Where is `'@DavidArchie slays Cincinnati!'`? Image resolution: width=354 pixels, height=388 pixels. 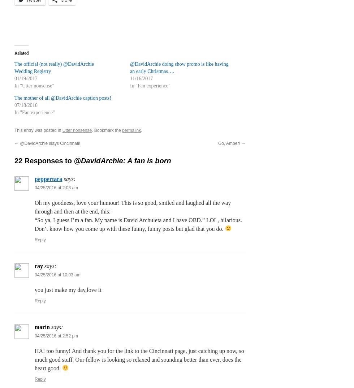 '@DavidArchie slays Cincinnati!' is located at coordinates (19, 143).